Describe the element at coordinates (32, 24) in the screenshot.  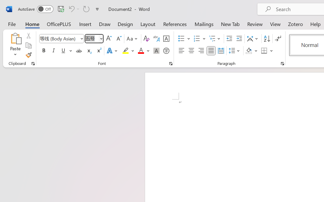
I see `'Home'` at that location.